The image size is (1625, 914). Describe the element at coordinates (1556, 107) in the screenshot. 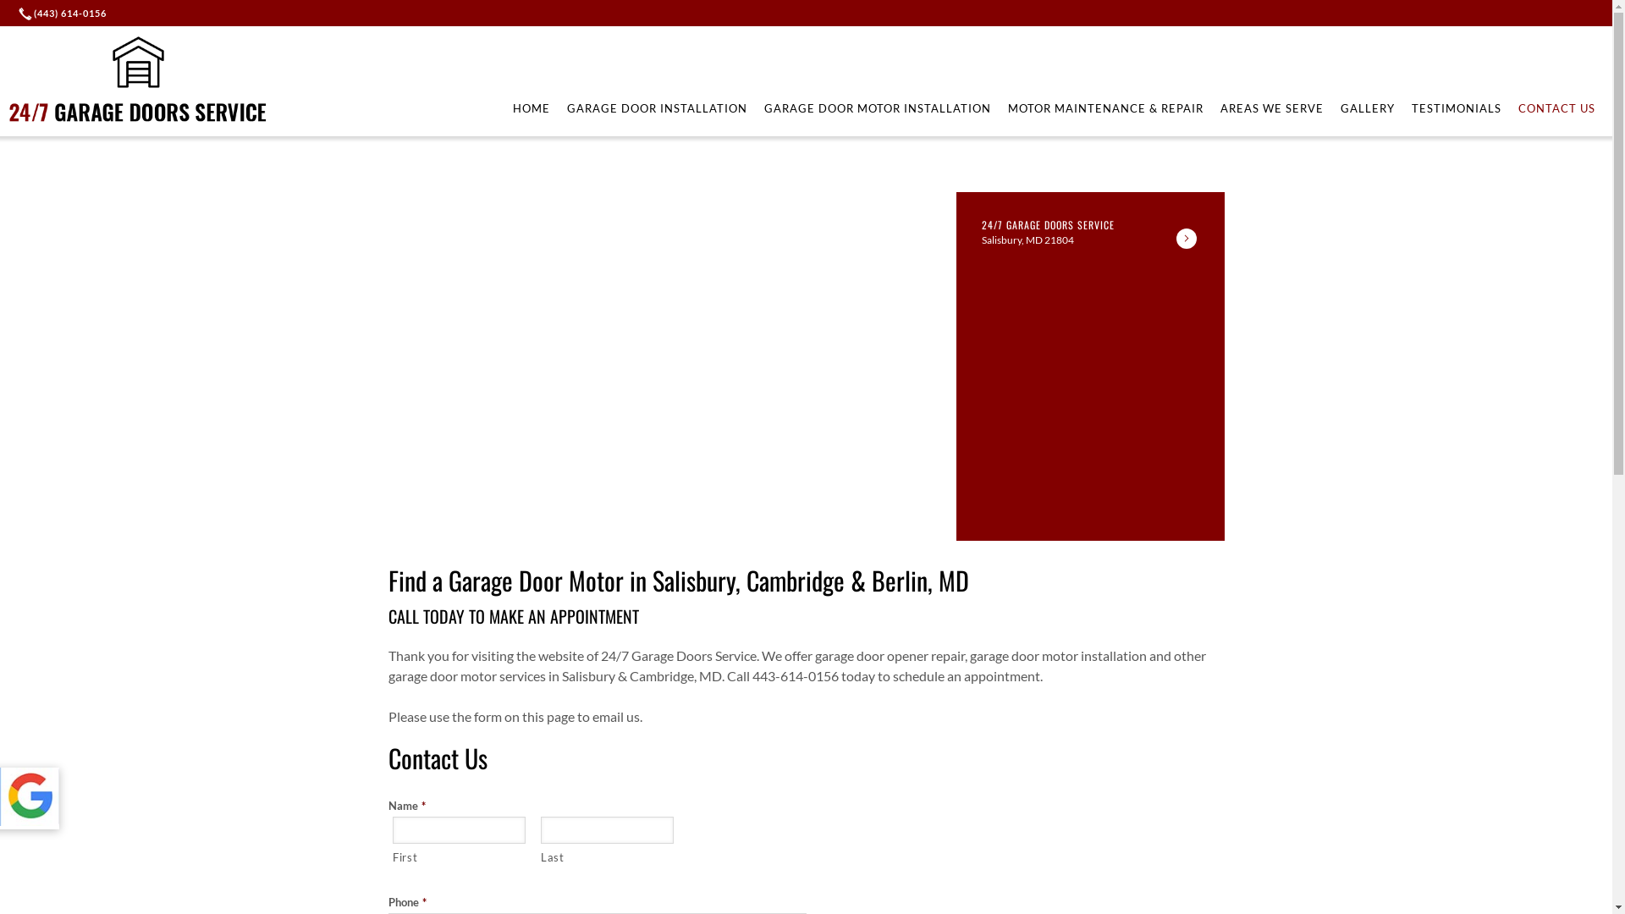

I see `'CONTACT US'` at that location.